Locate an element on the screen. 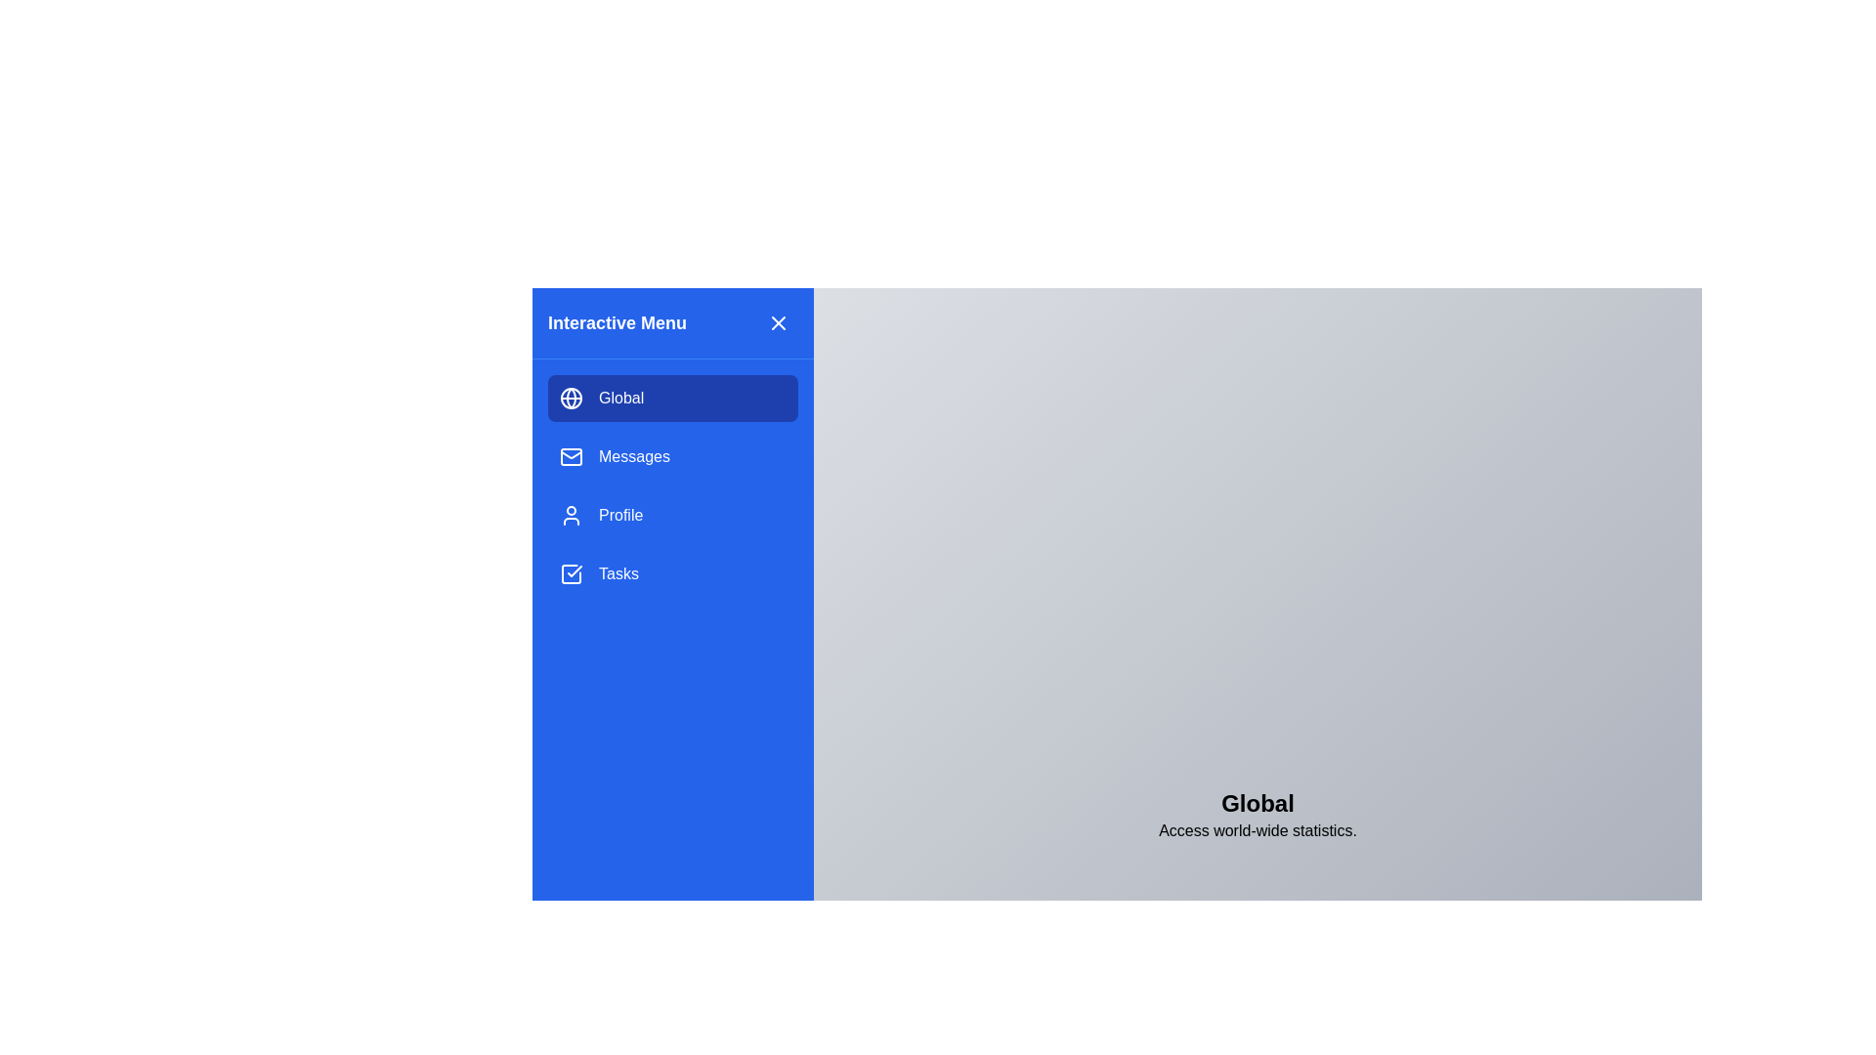 This screenshot has height=1055, width=1876. the third menu item in the interactive menu panel is located at coordinates (673, 515).